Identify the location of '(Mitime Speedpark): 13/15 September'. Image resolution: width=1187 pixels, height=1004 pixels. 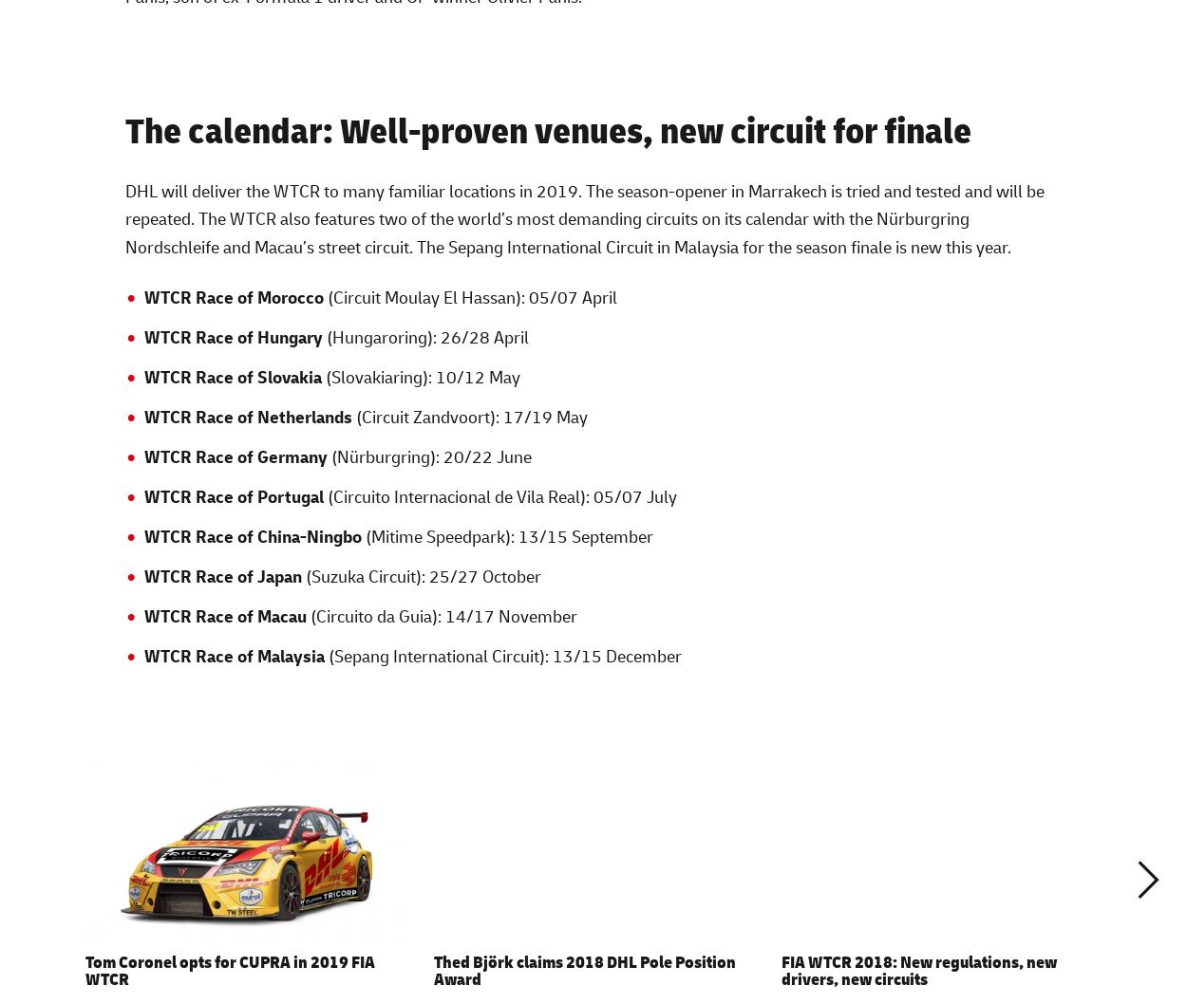
(506, 535).